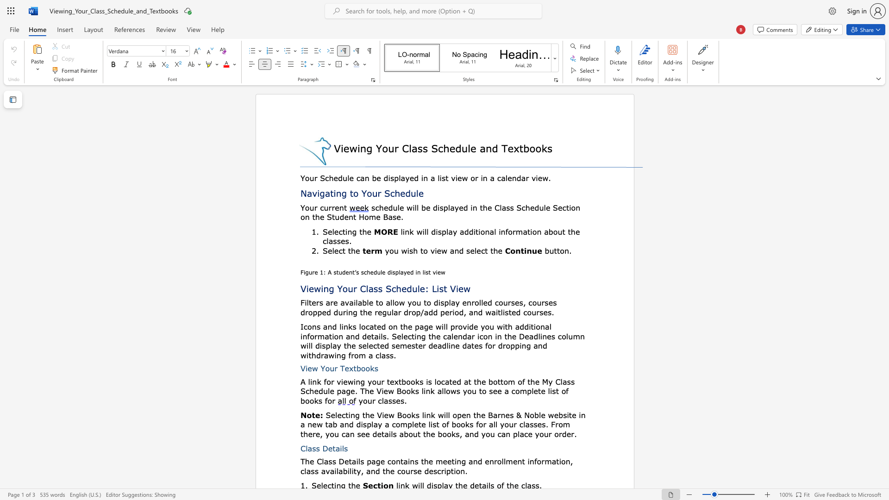 The width and height of the screenshot is (889, 500). I want to click on the subset text "View" within the text "Viewing Your Class Schedule and Textbooks", so click(333, 148).